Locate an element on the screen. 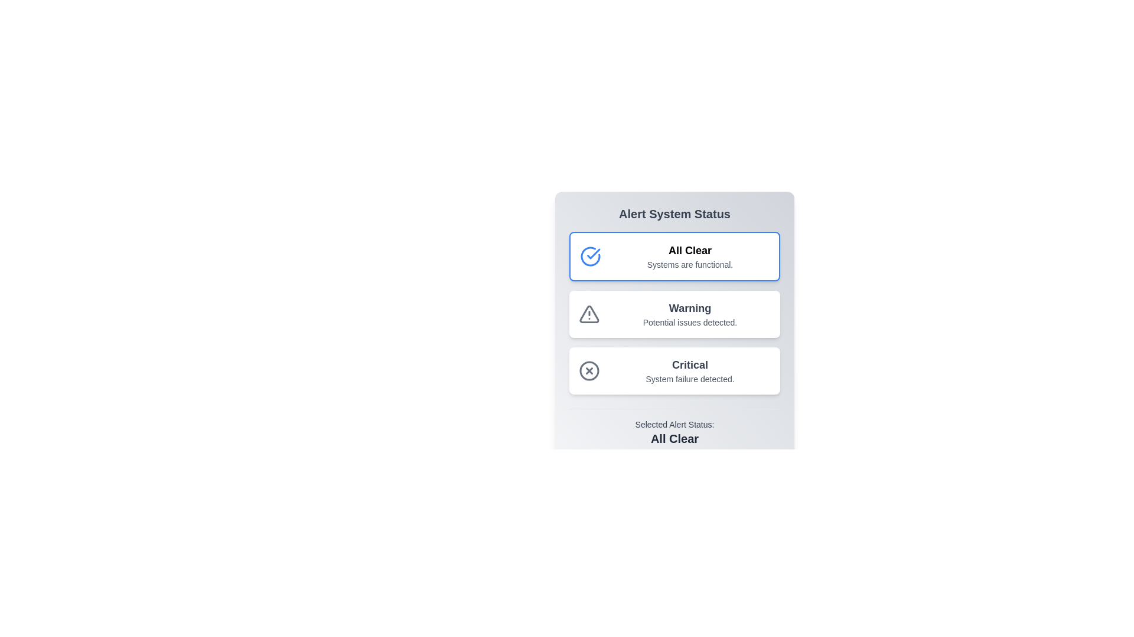  the static text element that indicates a system failure, located beneath the 'Critical' alert classification in the alert status region is located at coordinates (690, 379).